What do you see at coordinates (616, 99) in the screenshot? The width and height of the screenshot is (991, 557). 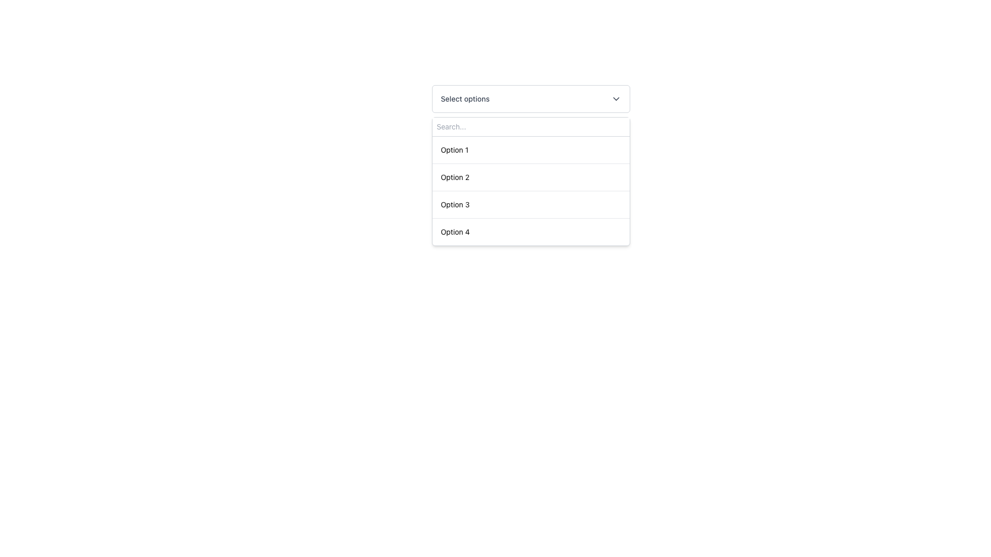 I see `the Chevron icon indicating the dropdown menu for 'Select options'` at bounding box center [616, 99].